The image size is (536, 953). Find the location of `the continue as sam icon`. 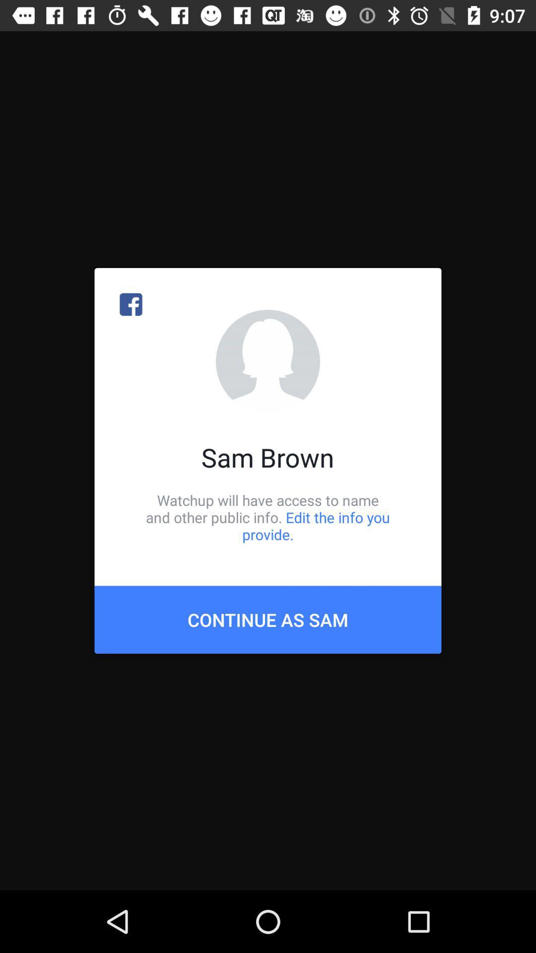

the continue as sam icon is located at coordinates (268, 619).